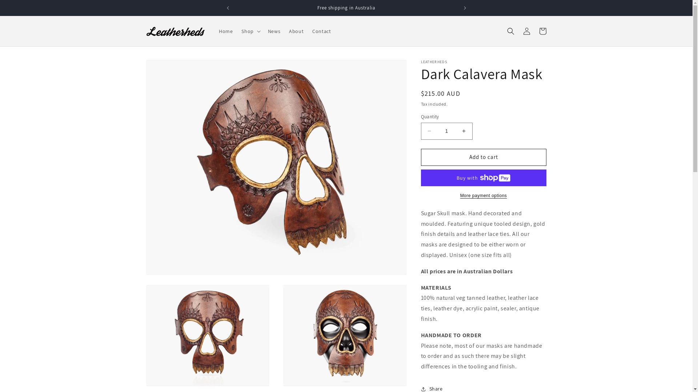 The width and height of the screenshot is (698, 392). Describe the element at coordinates (168, 68) in the screenshot. I see `'Skip to product information'` at that location.